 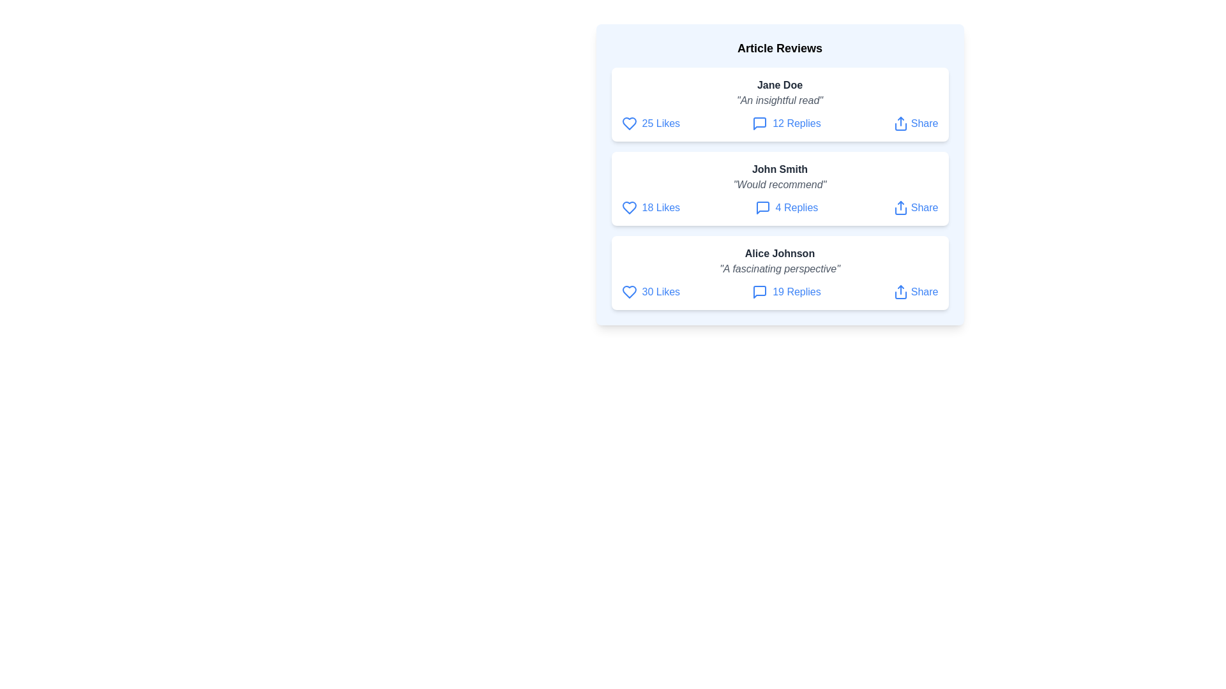 I want to click on share button for the review by Alice Johnson, so click(x=915, y=292).